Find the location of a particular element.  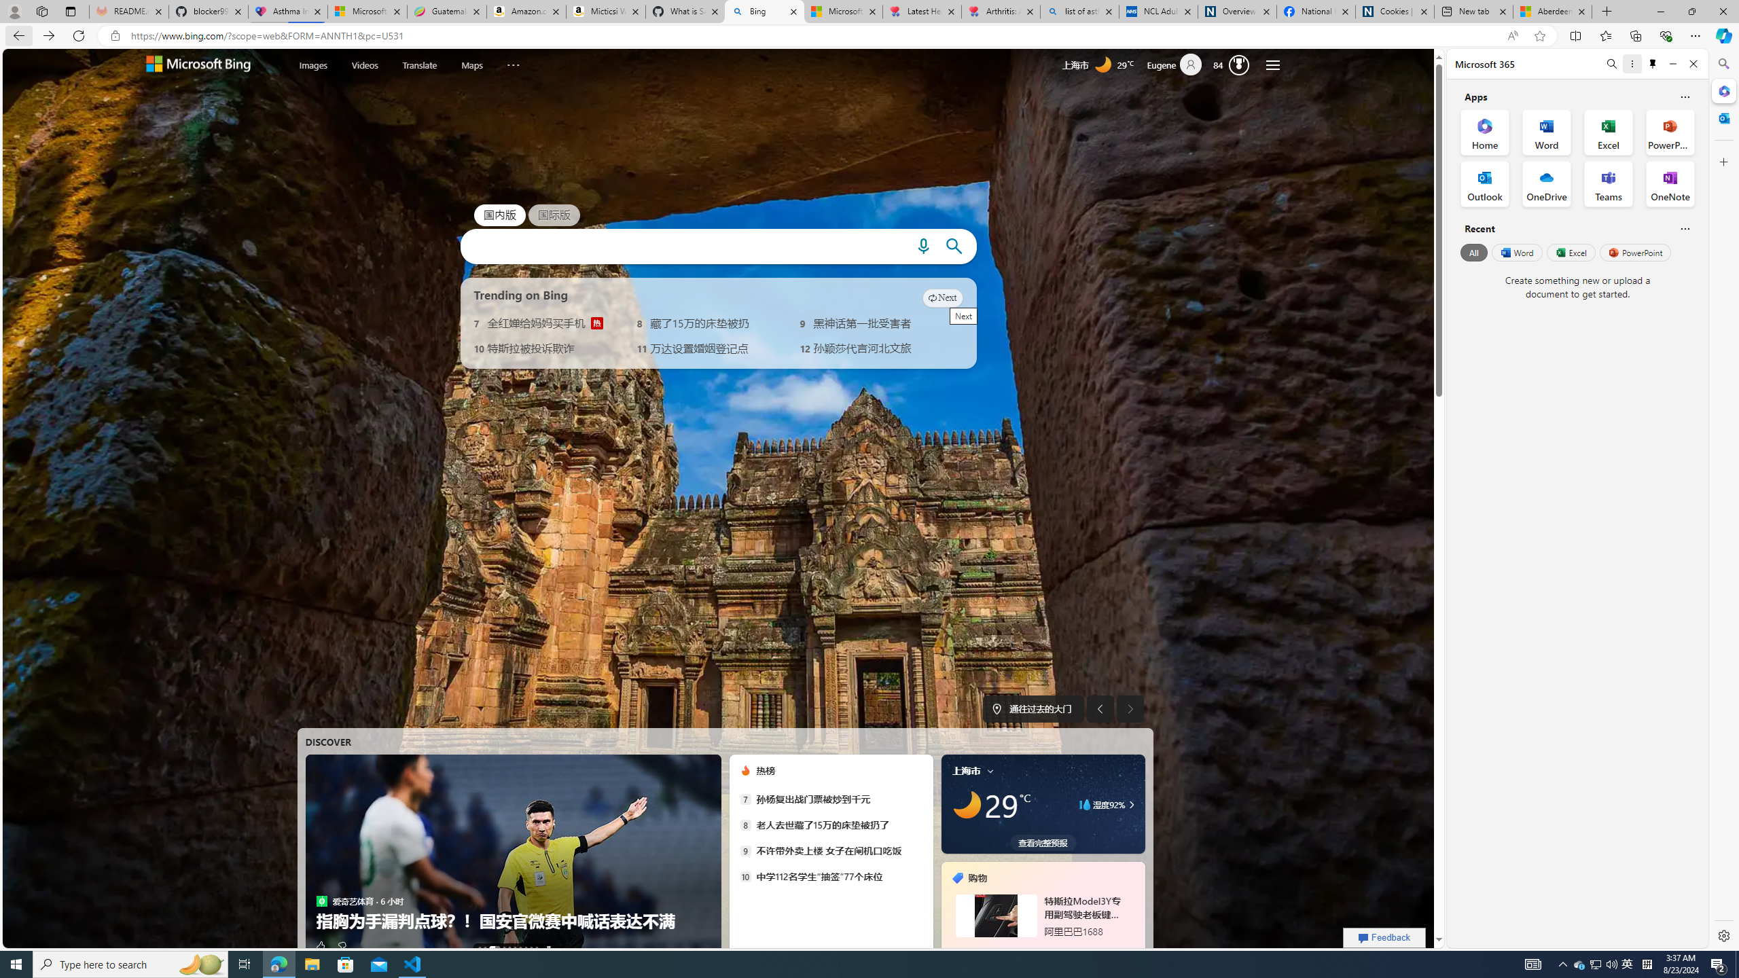

'Home Office App' is located at coordinates (1484, 132).